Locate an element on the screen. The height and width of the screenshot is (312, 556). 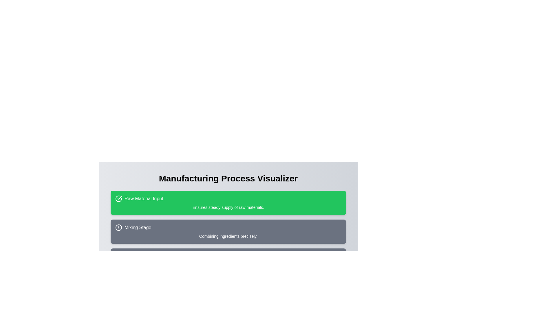
the Circle SVG element located in the lower section of the interface, which serves as a graphical component within an SVG group is located at coordinates (118, 285).